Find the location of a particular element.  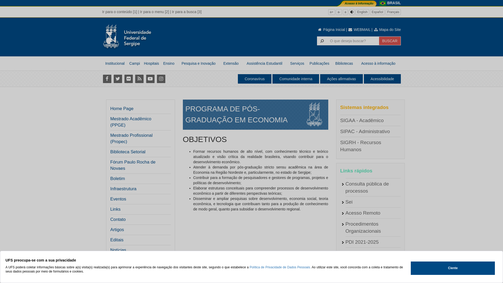

'a+' is located at coordinates (331, 12).